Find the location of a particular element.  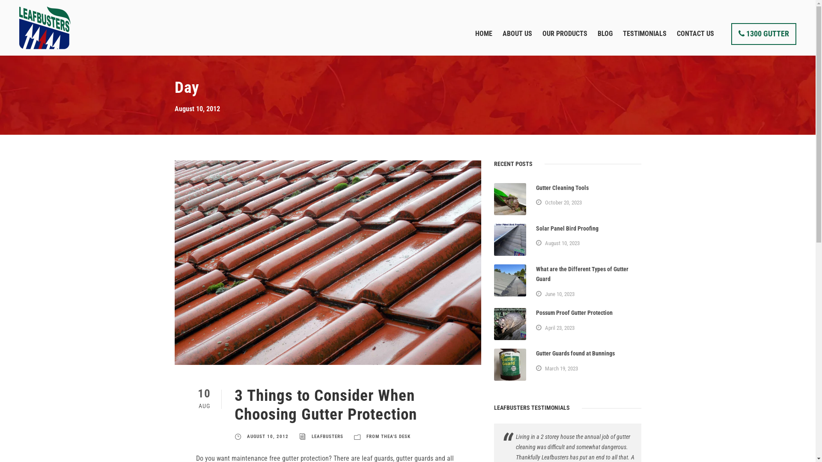

'October 20, 2023' is located at coordinates (563, 202).